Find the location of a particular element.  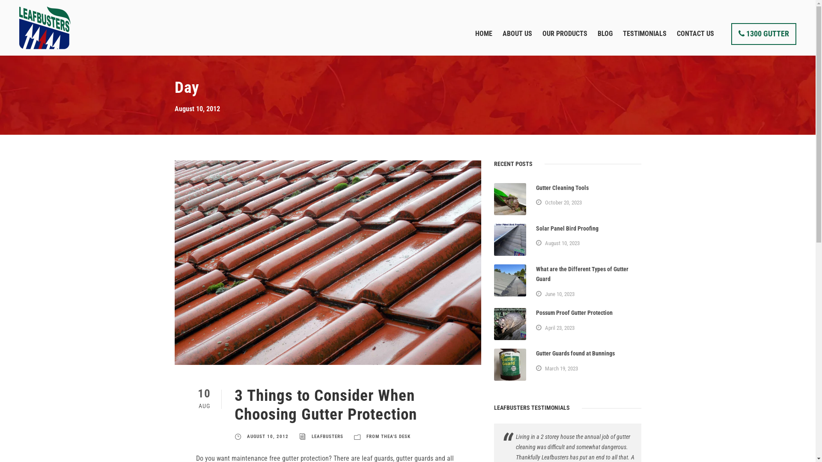

'October 20, 2023' is located at coordinates (563, 202).